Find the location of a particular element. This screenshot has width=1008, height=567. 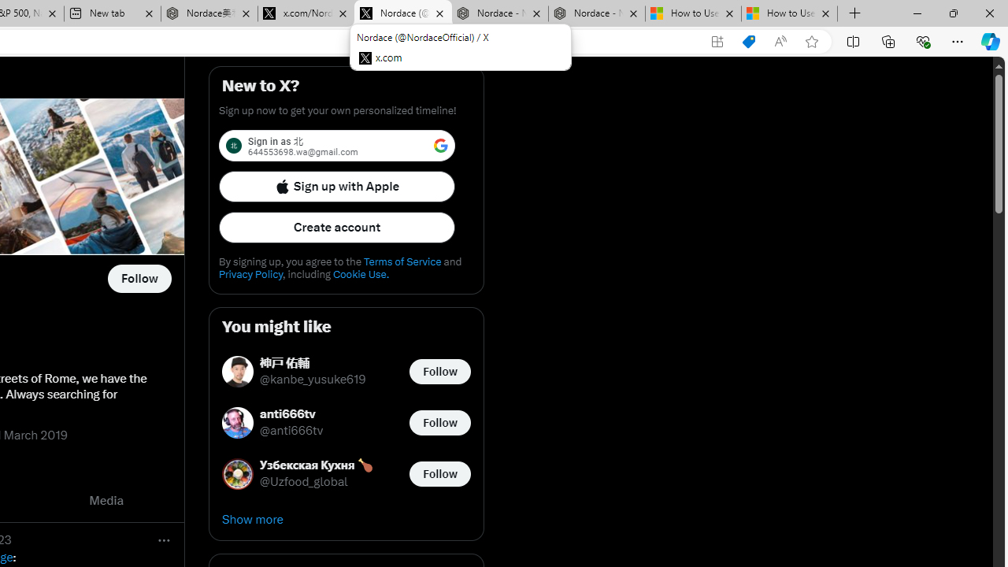

'App available. Install X' is located at coordinates (716, 41).